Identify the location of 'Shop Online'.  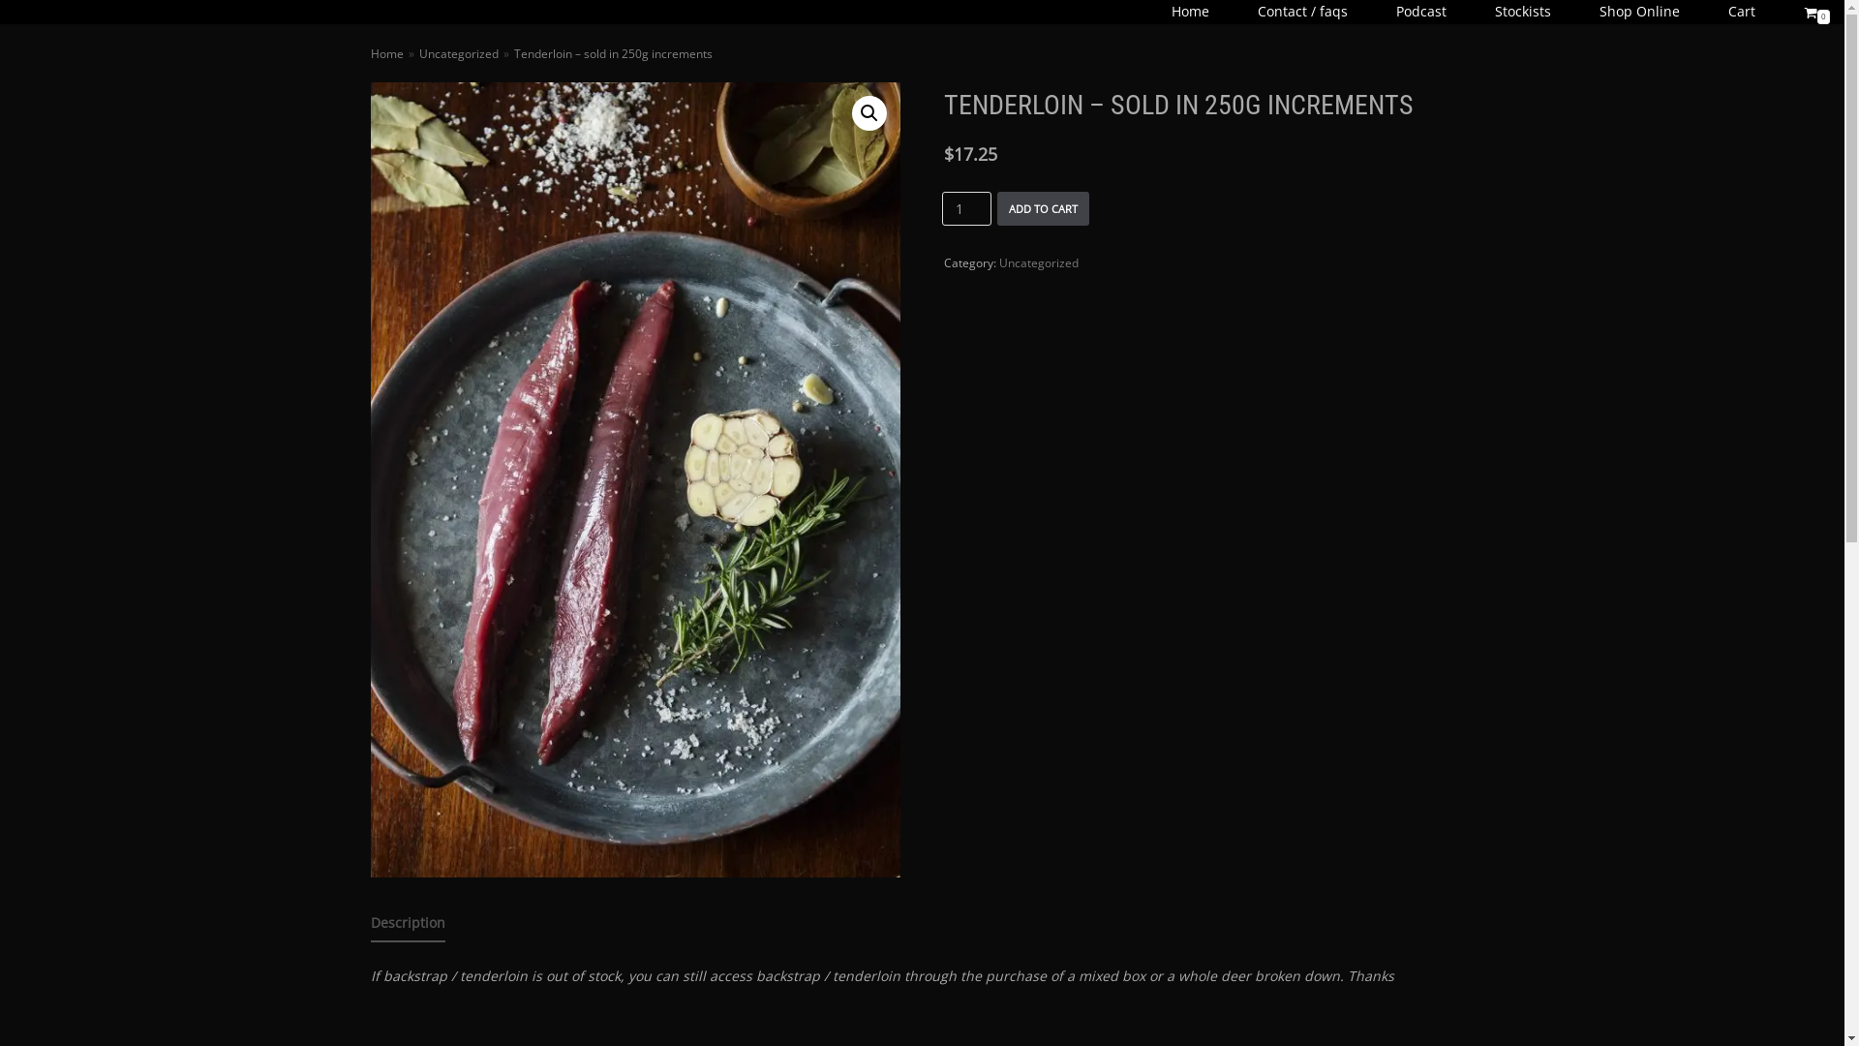
(1638, 12).